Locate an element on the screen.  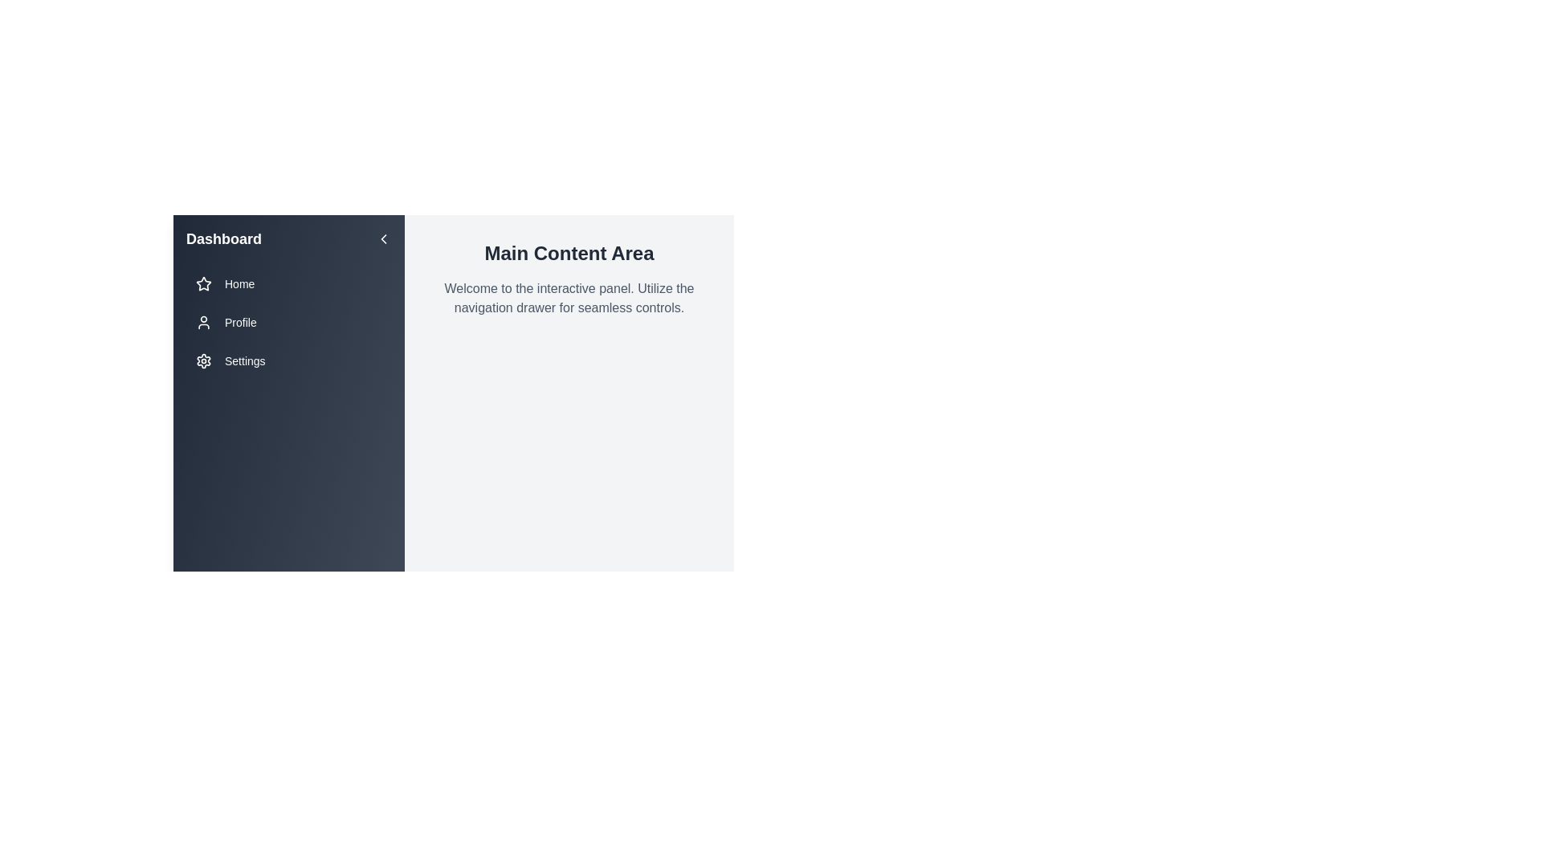
the 'Settings' text label, which is displayed in white against a dark gray background in the vertical navigation menu, positioned below 'Profile' is located at coordinates (244, 361).